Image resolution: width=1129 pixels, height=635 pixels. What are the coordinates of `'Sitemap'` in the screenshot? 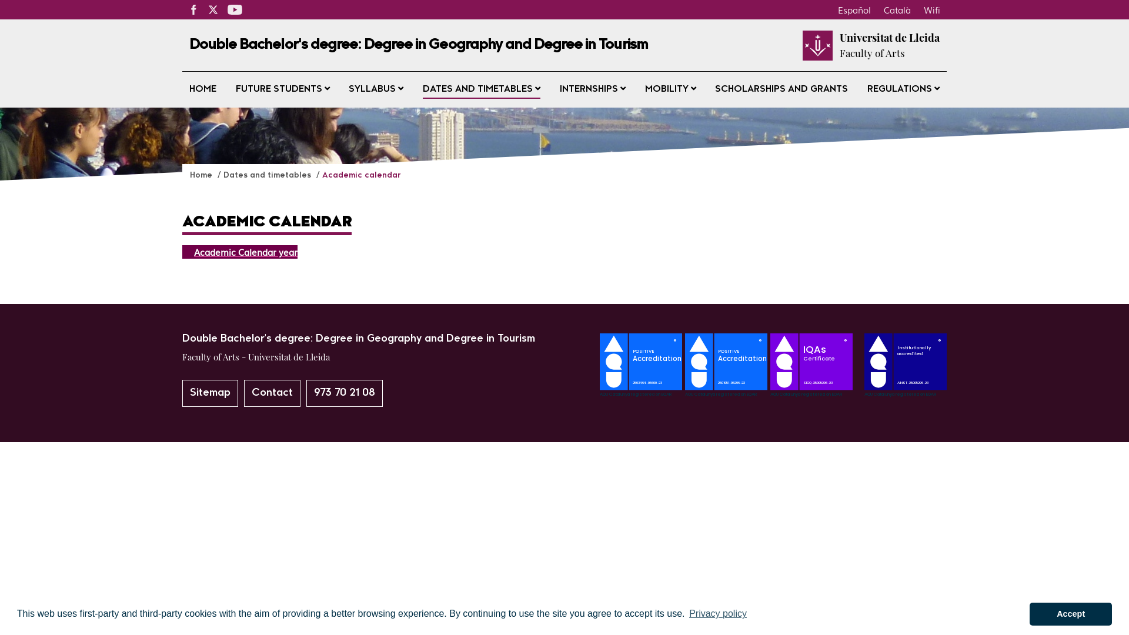 It's located at (210, 393).